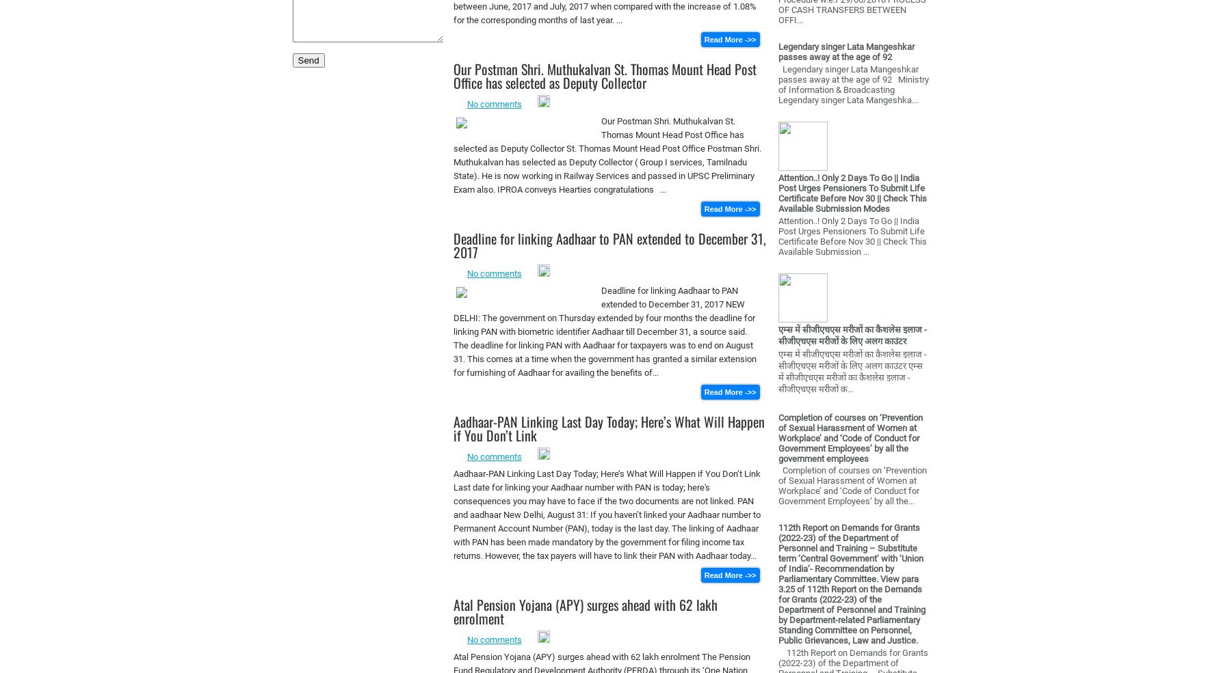 This screenshot has width=1221, height=673. I want to click on 'Aadhaar-PAN Linking Last Day Today; Here’s What Will Happen if You Don’t Link', so click(608, 427).